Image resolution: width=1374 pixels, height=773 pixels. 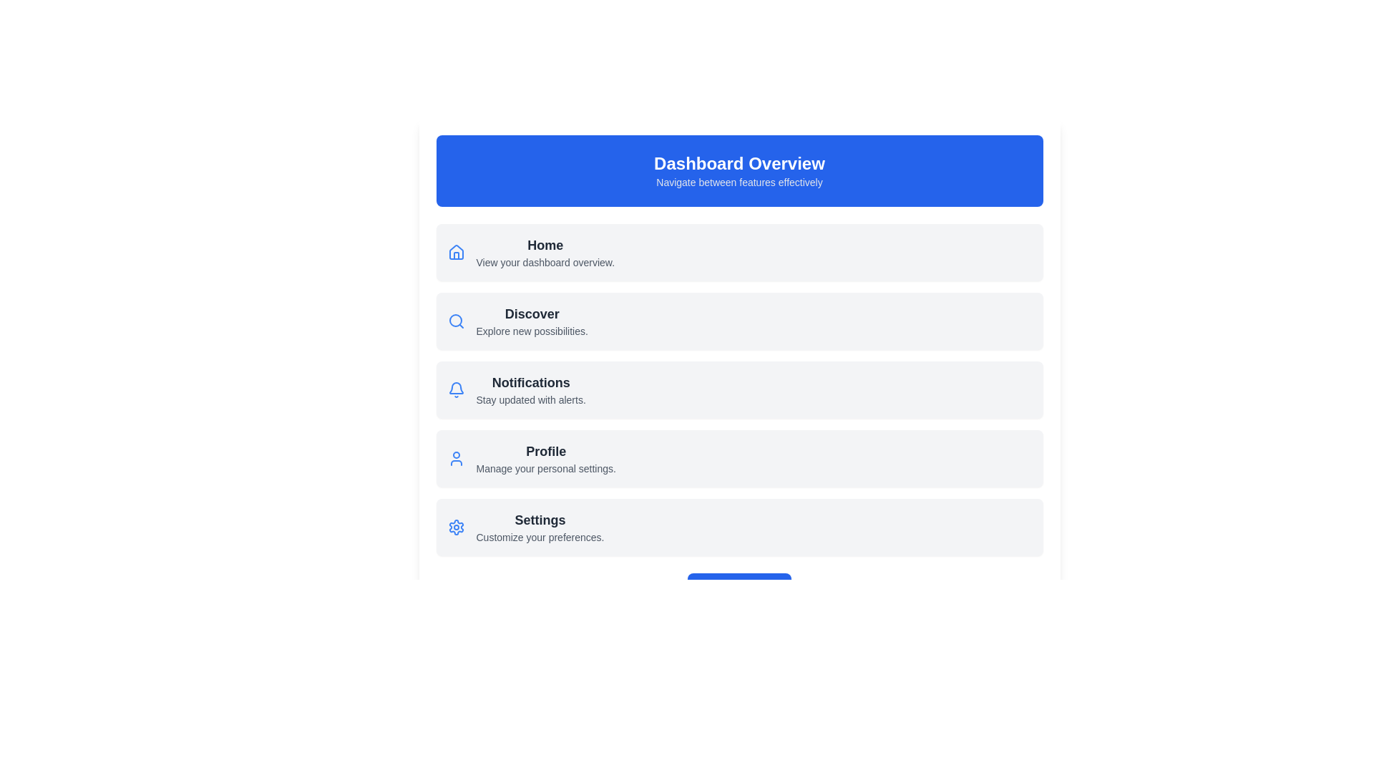 What do you see at coordinates (539, 520) in the screenshot?
I see `the 'Settings' section heading, which is displayed in bold dark gray typography and positioned above the subheading 'Customize your preferences.'` at bounding box center [539, 520].